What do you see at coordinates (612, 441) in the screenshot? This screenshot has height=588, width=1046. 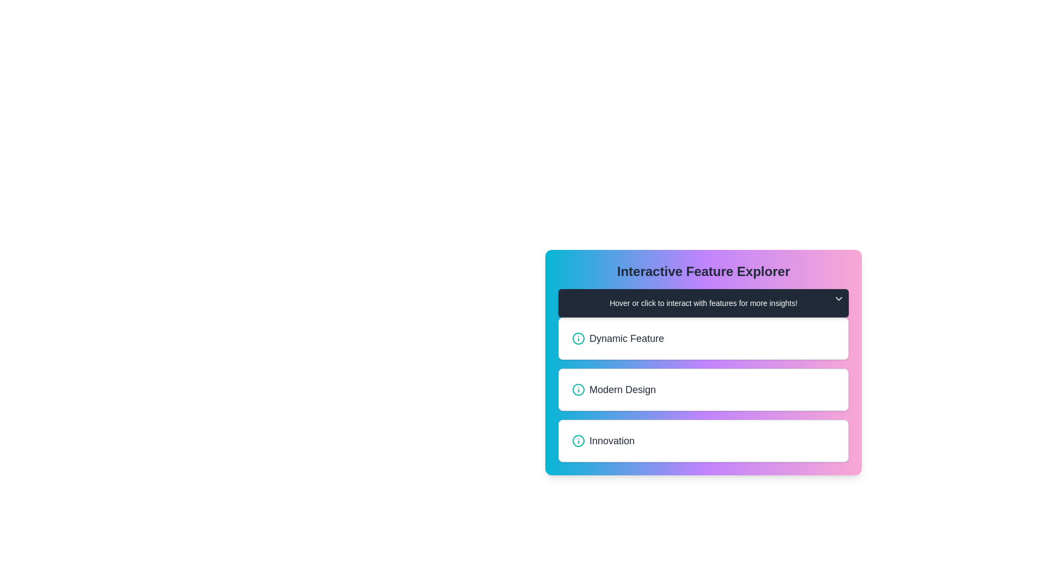 I see `text from the third text label in a vertical list, positioned to the right of an accompanying icon` at bounding box center [612, 441].